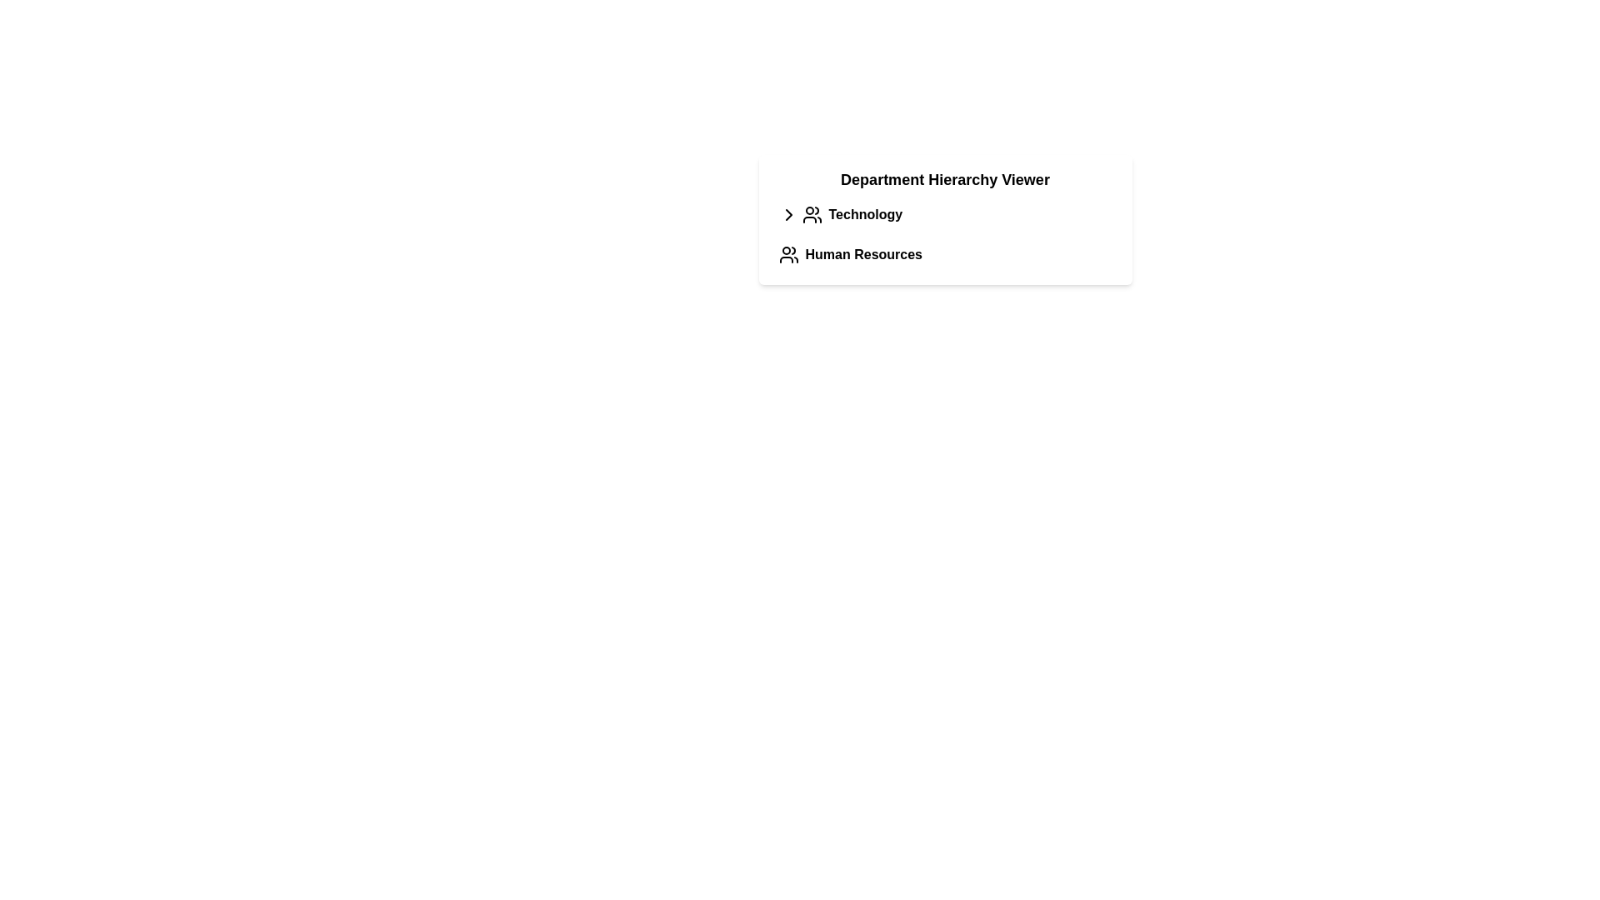  Describe the element at coordinates (863, 254) in the screenshot. I see `text label indicating a department or category within the 'Department Hierarchy Viewer', located in the second row to the right of the group illustration icon` at that location.